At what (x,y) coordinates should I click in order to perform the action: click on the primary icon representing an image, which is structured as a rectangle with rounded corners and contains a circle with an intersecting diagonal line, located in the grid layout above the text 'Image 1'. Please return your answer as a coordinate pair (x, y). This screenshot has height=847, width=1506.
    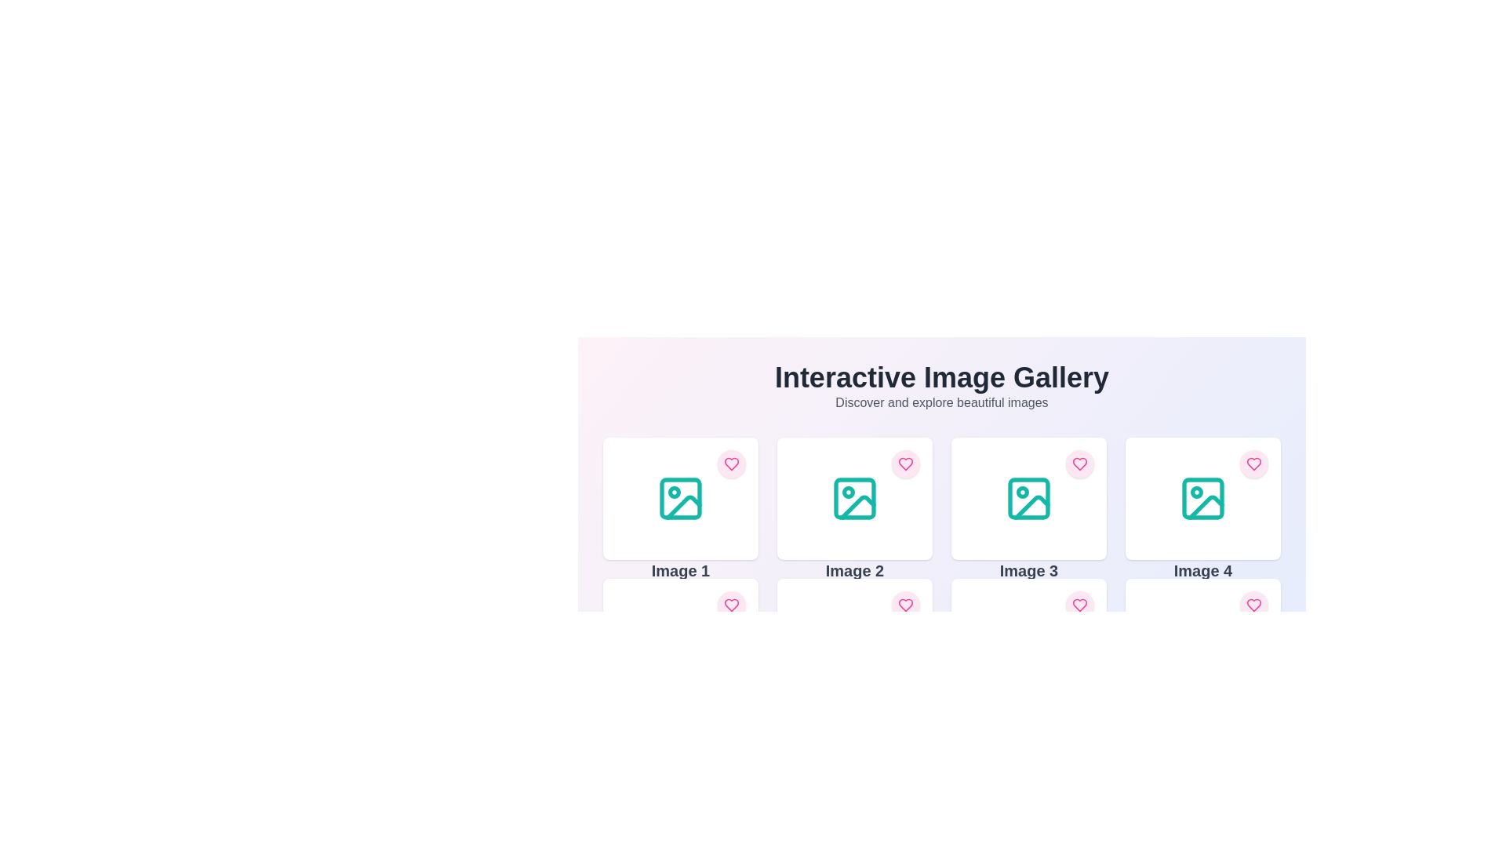
    Looking at the image, I should click on (681, 499).